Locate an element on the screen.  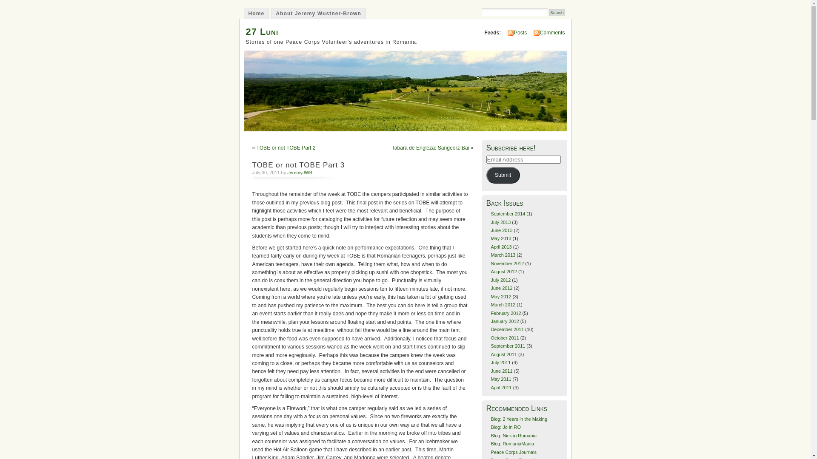
'November 2012' is located at coordinates (490, 263).